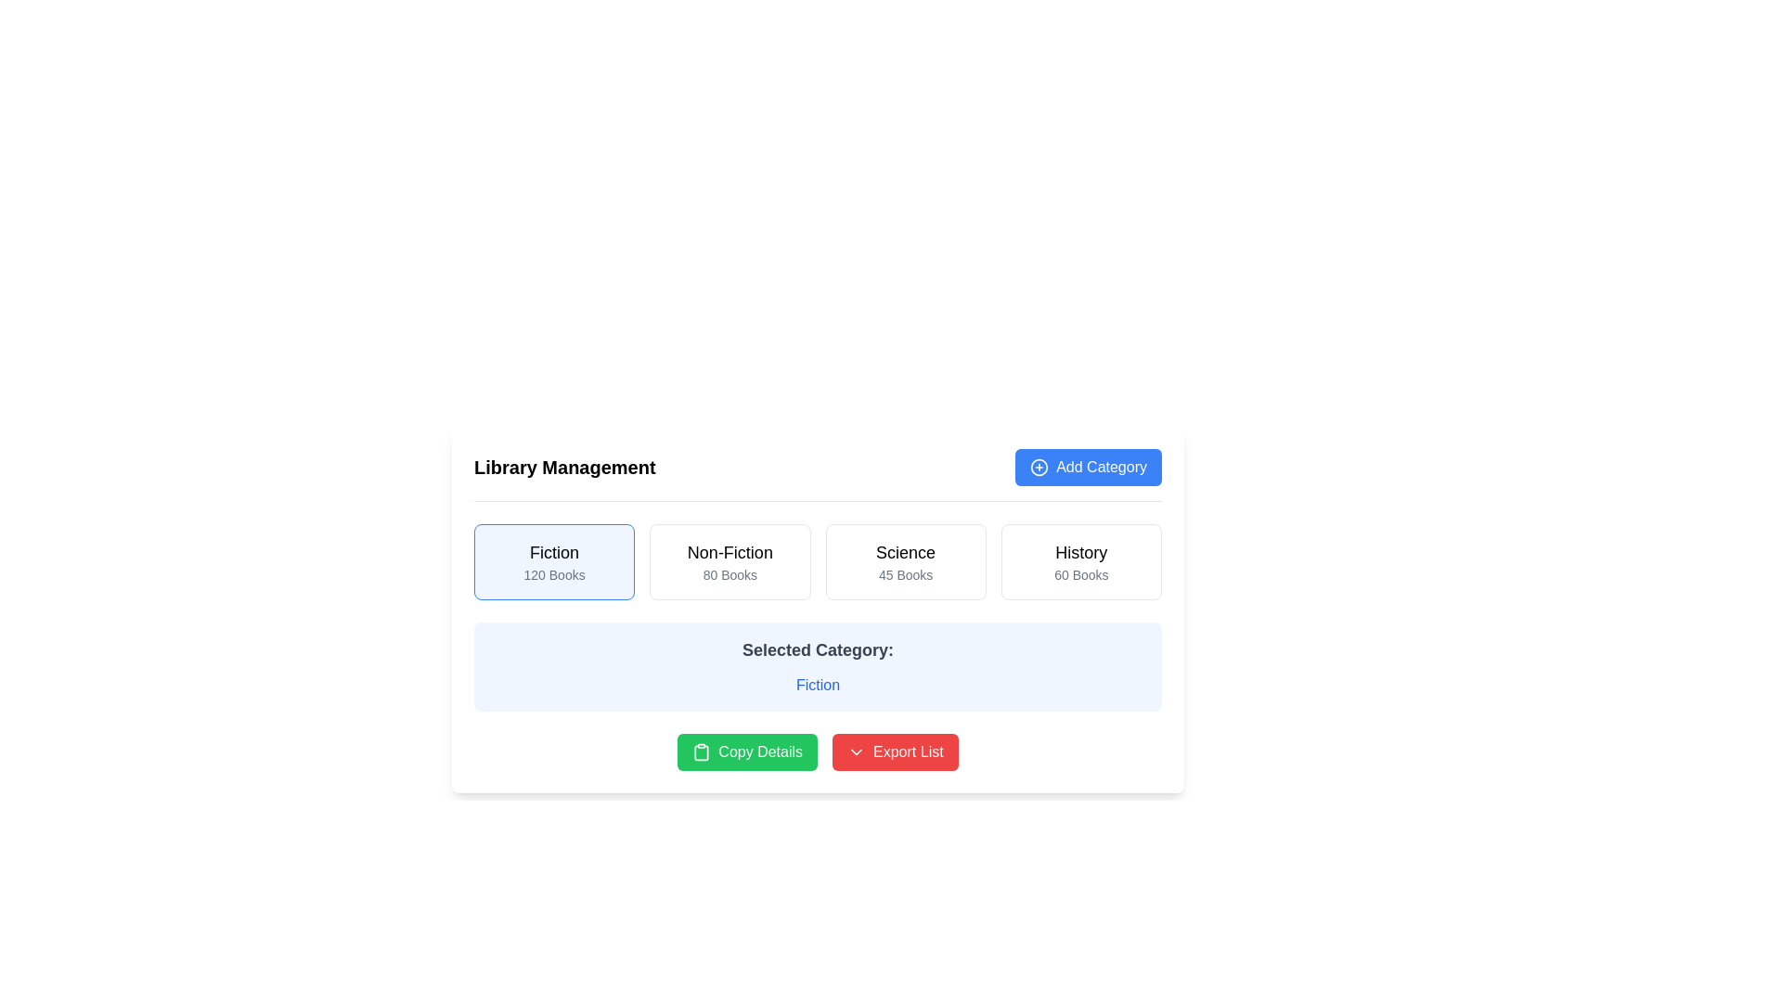 This screenshot has height=1002, width=1782. I want to click on the text label displaying 'History', which is located in the center of a card component in the top-right section of the interface, so click(1081, 552).